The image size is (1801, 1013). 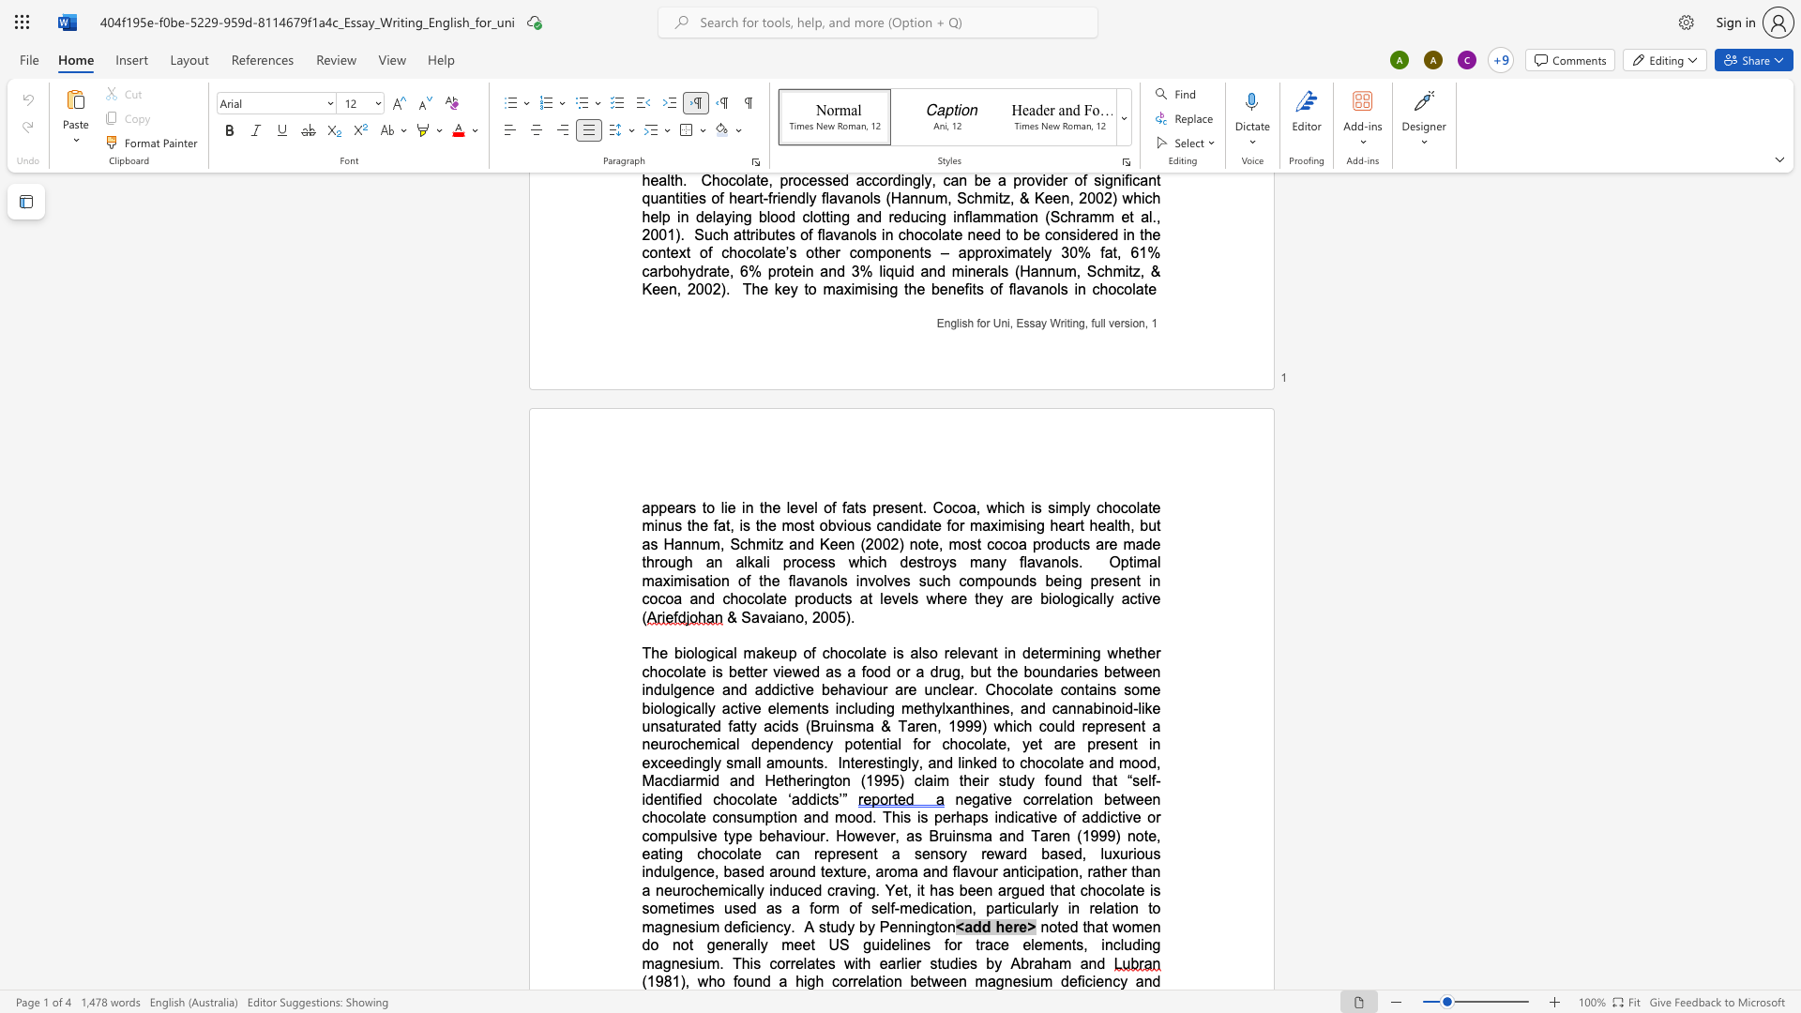 I want to click on the space between the continuous character "l" and "e" in the text, so click(x=791, y=507).